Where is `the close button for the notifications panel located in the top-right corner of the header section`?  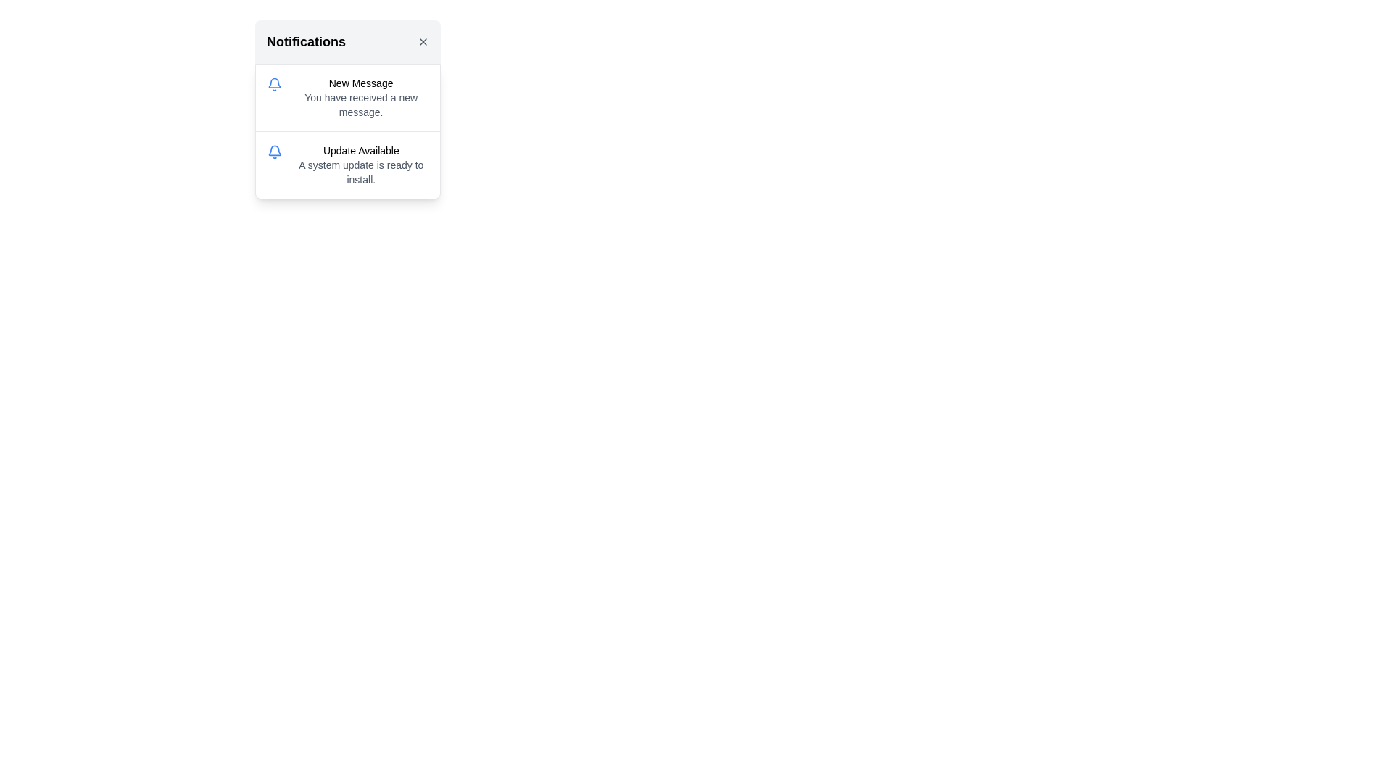 the close button for the notifications panel located in the top-right corner of the header section is located at coordinates (423, 41).